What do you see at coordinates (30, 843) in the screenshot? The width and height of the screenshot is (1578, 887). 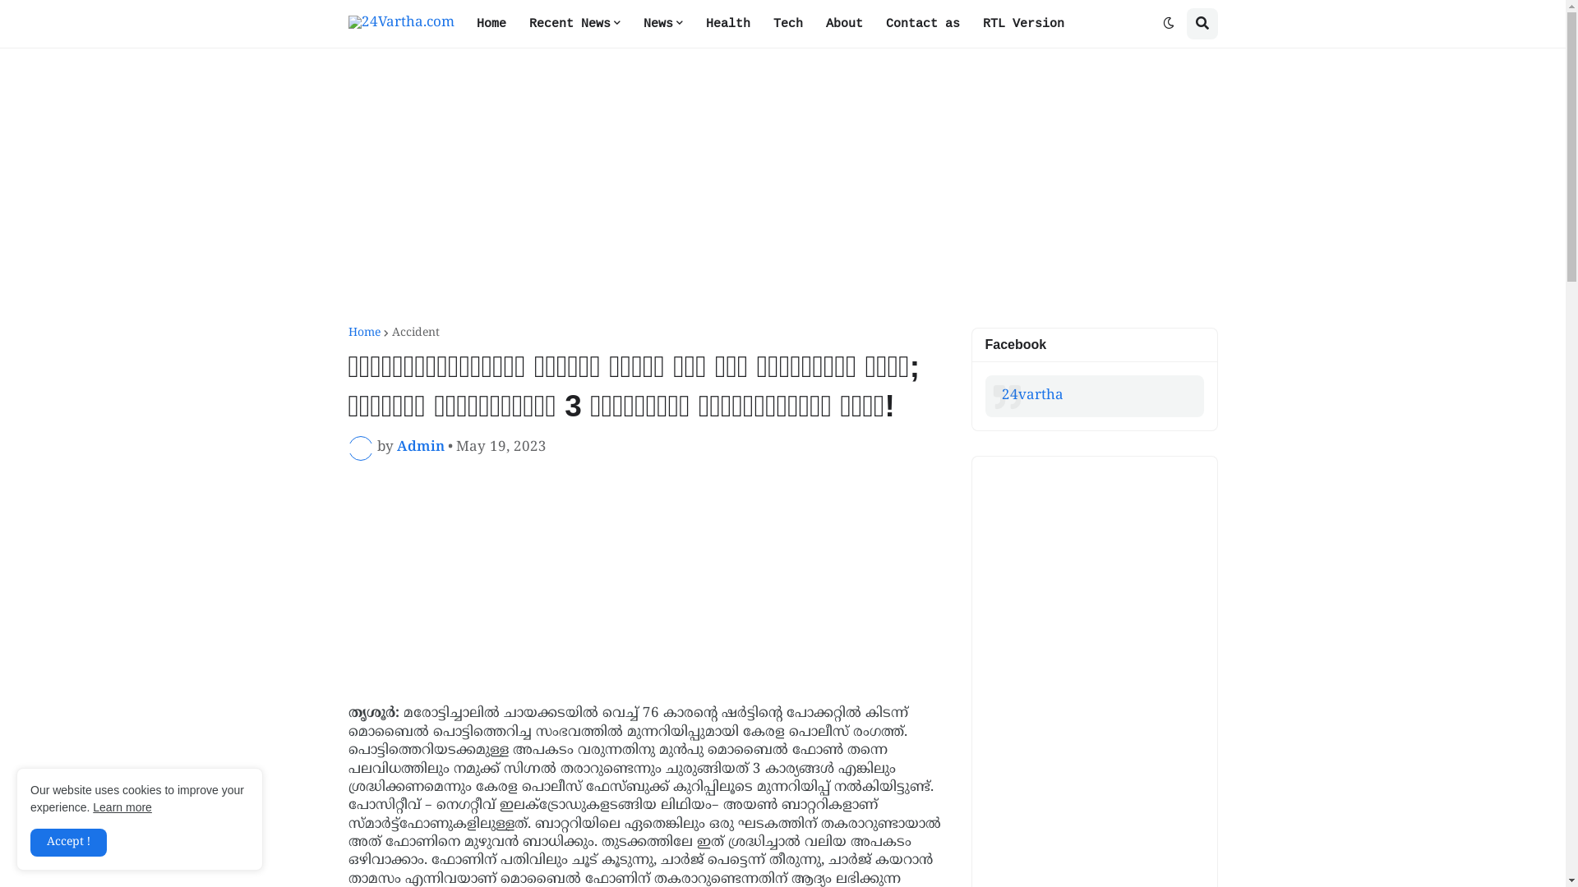 I see `'Accept !'` at bounding box center [30, 843].